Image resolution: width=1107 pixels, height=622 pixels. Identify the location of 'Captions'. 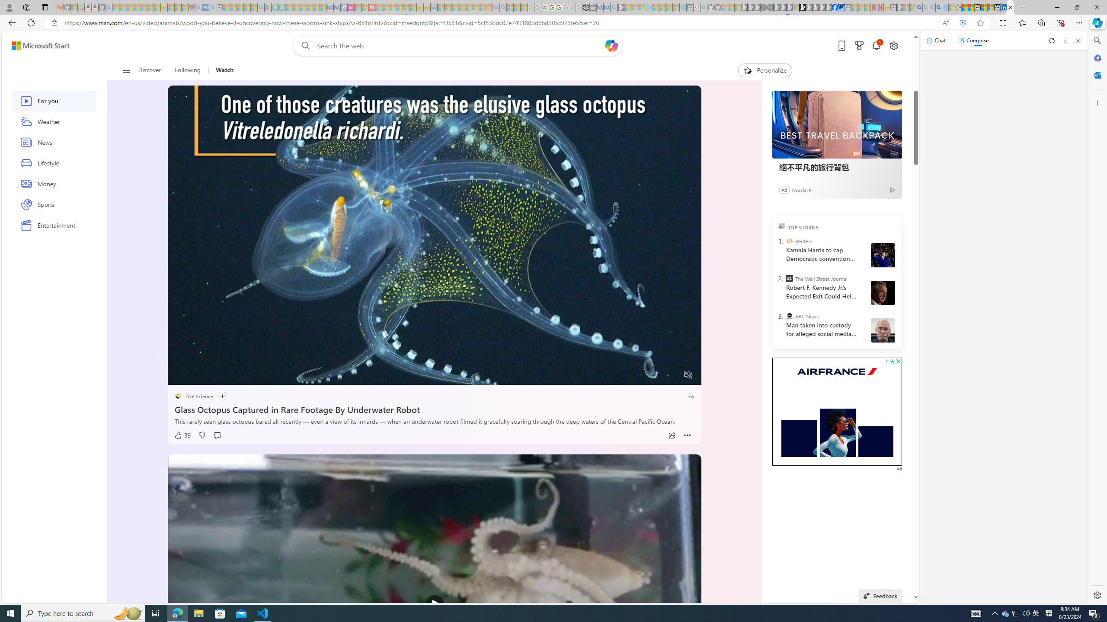
(654, 375).